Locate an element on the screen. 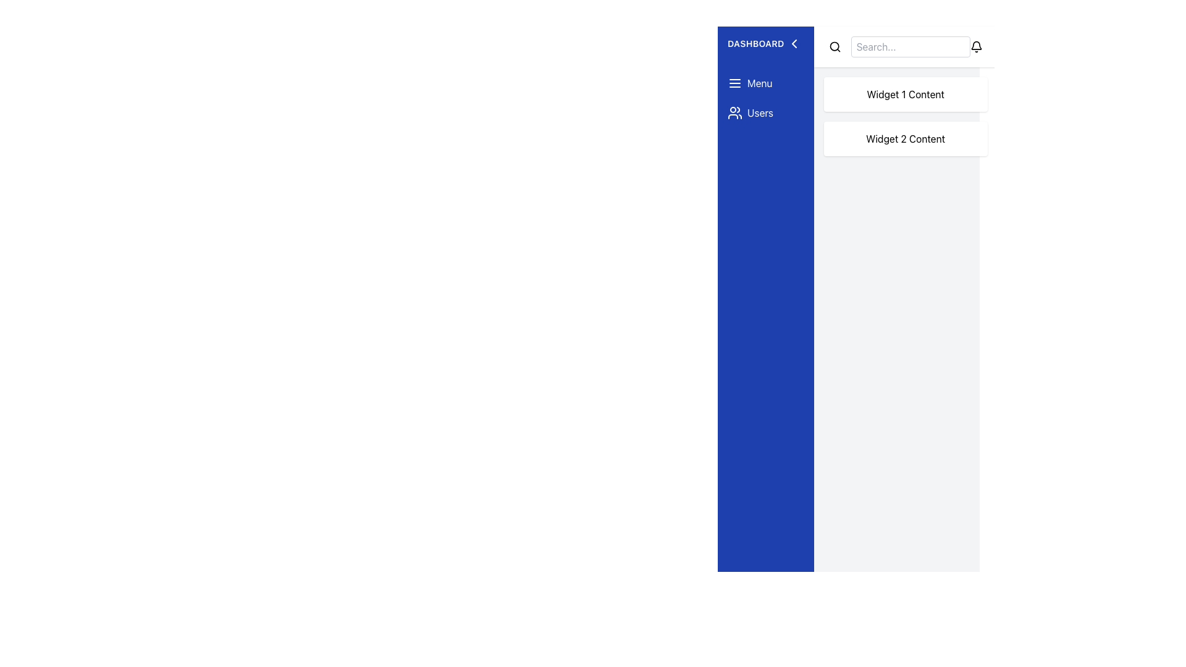 This screenshot has width=1186, height=667. the inner circular graphical component of the search icon located at the top-right of the application interface is located at coordinates (834, 46).